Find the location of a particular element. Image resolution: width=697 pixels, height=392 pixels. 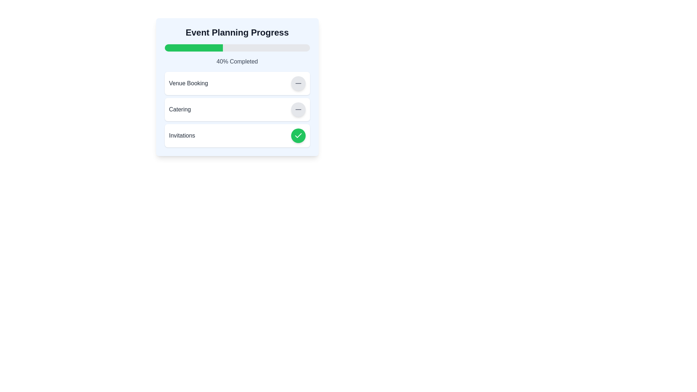

the 'Catering' Display Card, which is the second card in a vertical stack of three, positioned below the 'Venue Booking' card and above the 'Invitations' card is located at coordinates (237, 109).